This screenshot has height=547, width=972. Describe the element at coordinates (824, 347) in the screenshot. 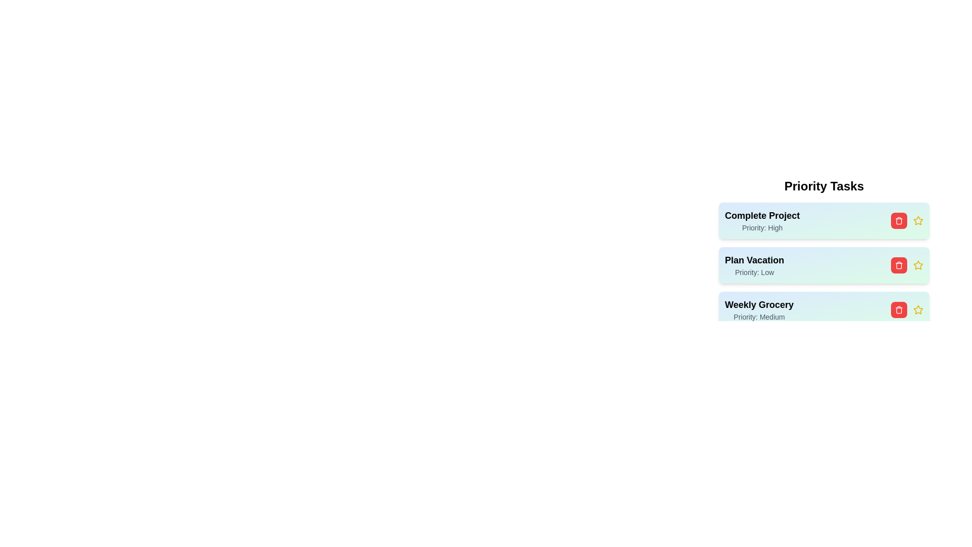

I see `the 'Add Task' button` at that location.